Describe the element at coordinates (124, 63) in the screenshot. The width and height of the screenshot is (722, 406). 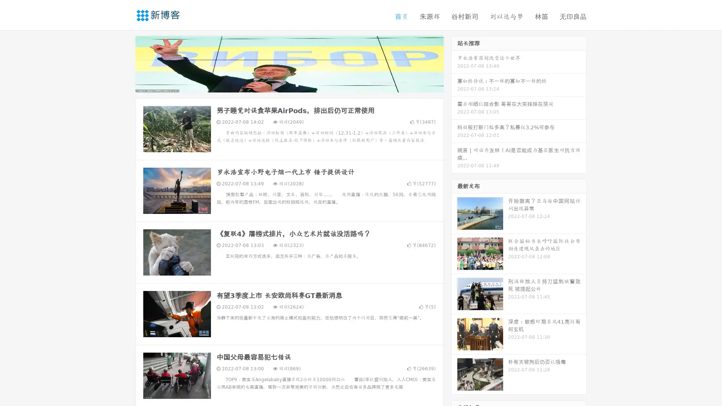
I see `Previous slide` at that location.